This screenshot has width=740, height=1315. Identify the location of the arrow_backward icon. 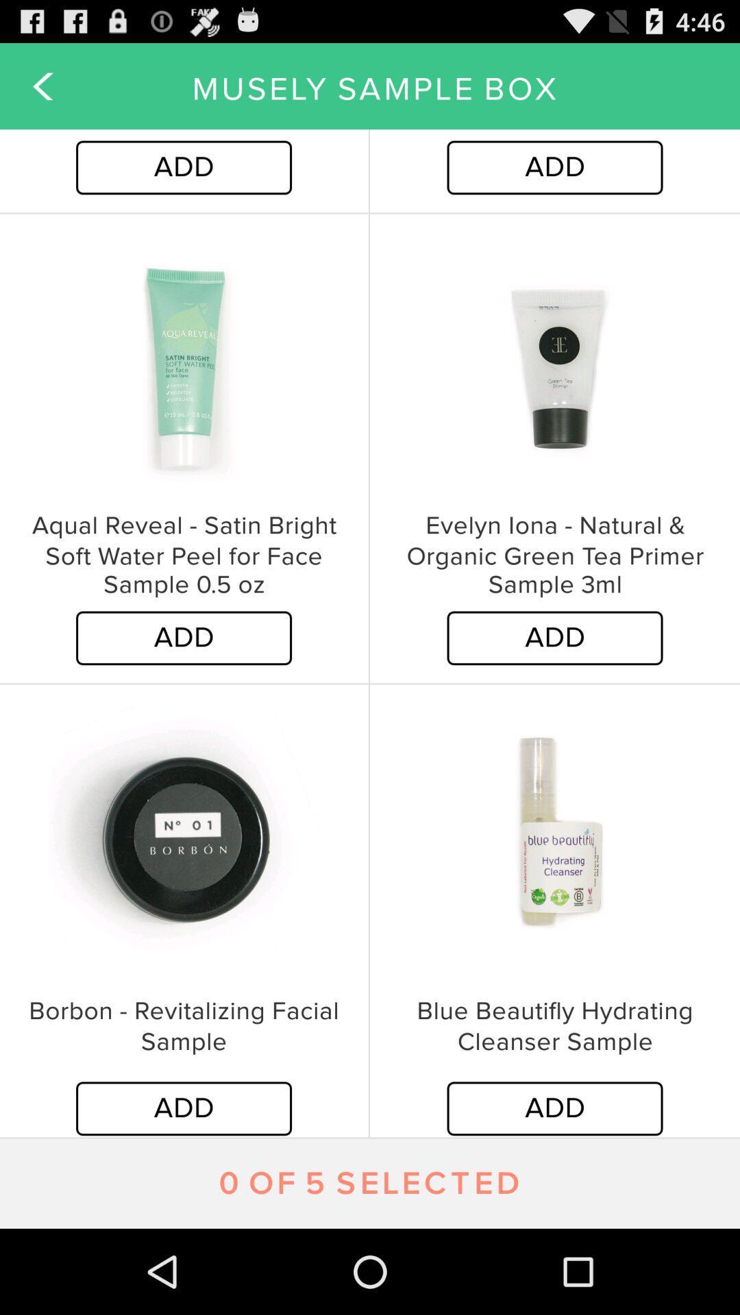
(42, 91).